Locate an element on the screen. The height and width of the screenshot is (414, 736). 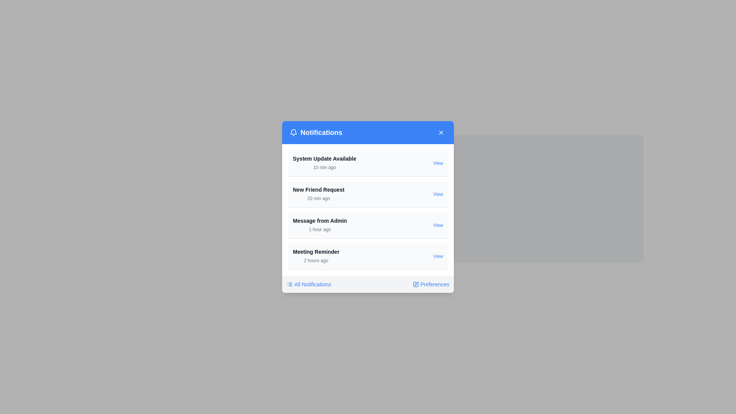
the label that informs the user about the time elapsed since the referenced notification activity, located at the bottom left of the 'Message from Admin' notification entry is located at coordinates (320, 229).